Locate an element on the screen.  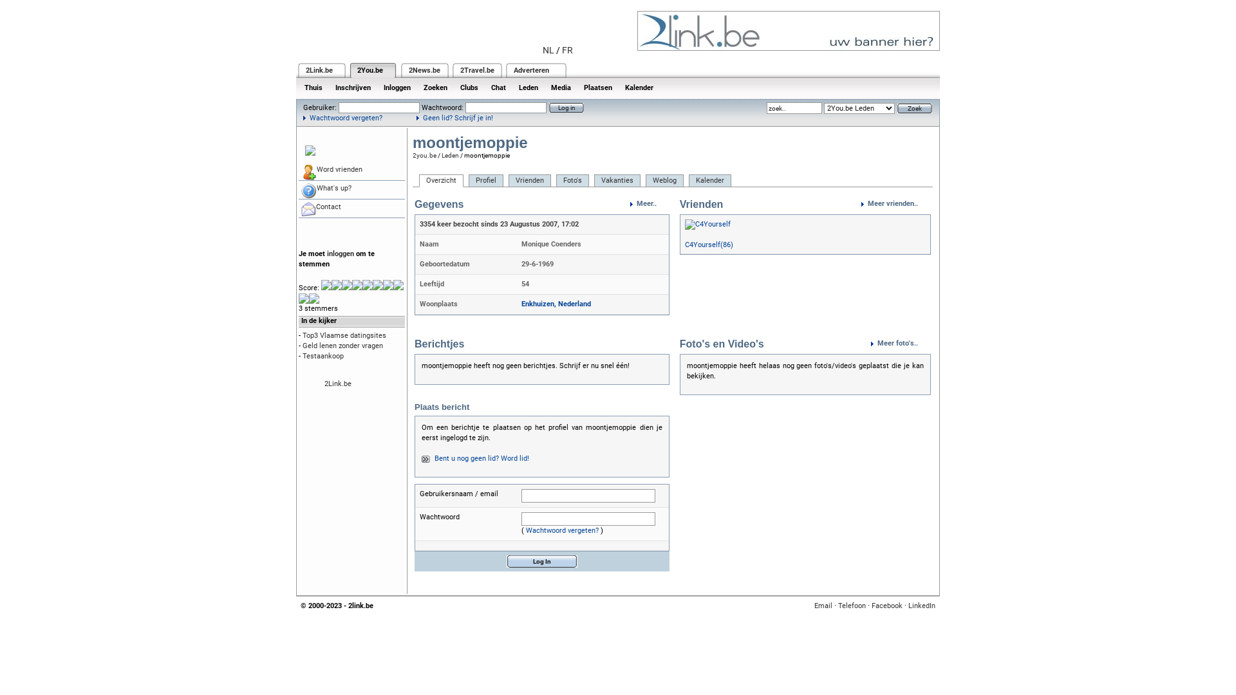
'Chat' is located at coordinates (498, 87).